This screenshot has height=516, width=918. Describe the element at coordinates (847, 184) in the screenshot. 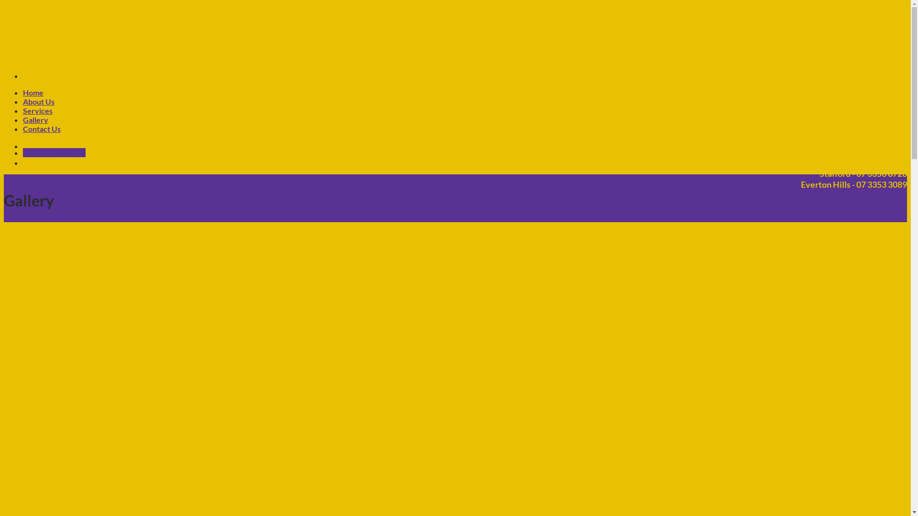

I see `'Everton Hills - 07 3353 3089'` at that location.